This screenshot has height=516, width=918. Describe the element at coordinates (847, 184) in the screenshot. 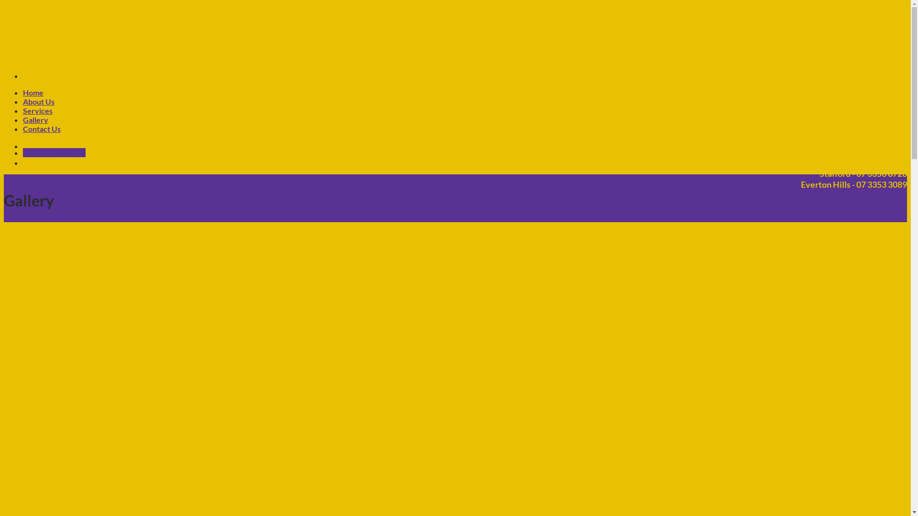

I see `'Everton Hills - 07 3353 3089'` at that location.